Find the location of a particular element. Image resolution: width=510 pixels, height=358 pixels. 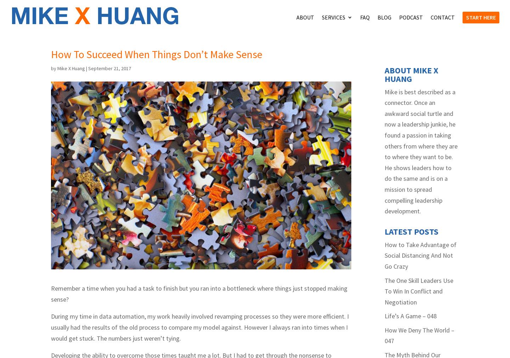

'Mike X Huang' is located at coordinates (71, 68).